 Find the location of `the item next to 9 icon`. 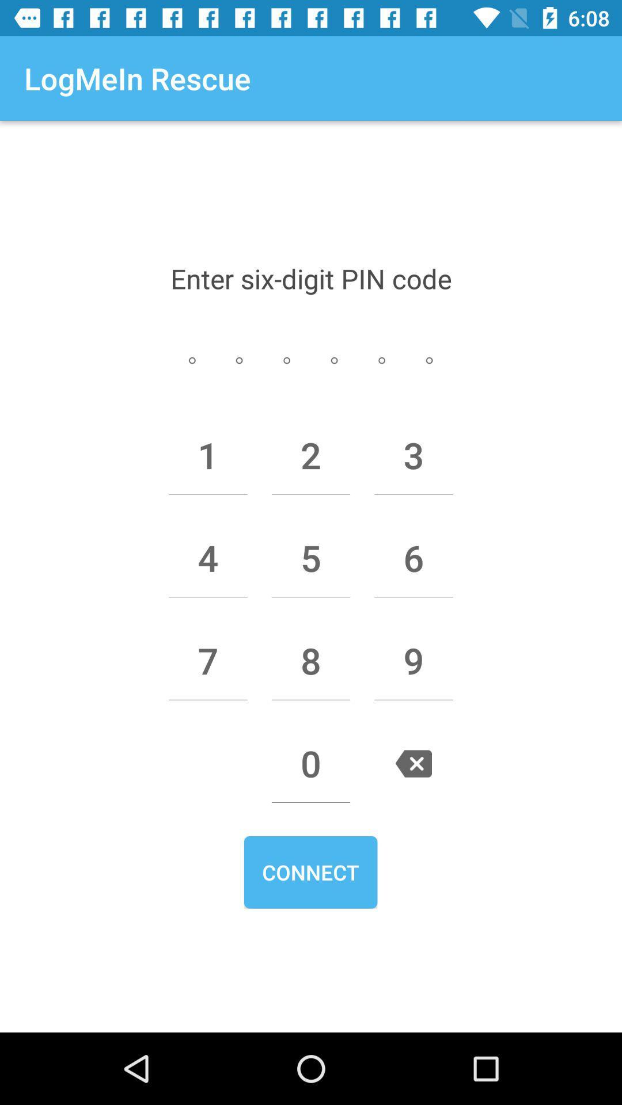

the item next to 9 icon is located at coordinates (311, 661).